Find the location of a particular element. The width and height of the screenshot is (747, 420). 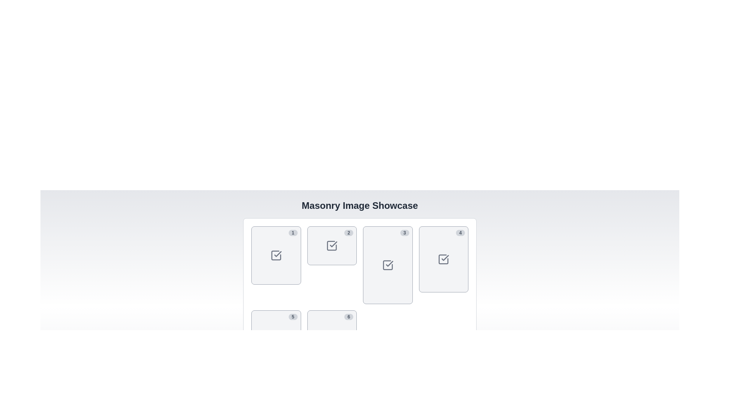

the interactive card or box element located in the top-left corner of the grid layout, which features a checkmark icon is located at coordinates (276, 255).